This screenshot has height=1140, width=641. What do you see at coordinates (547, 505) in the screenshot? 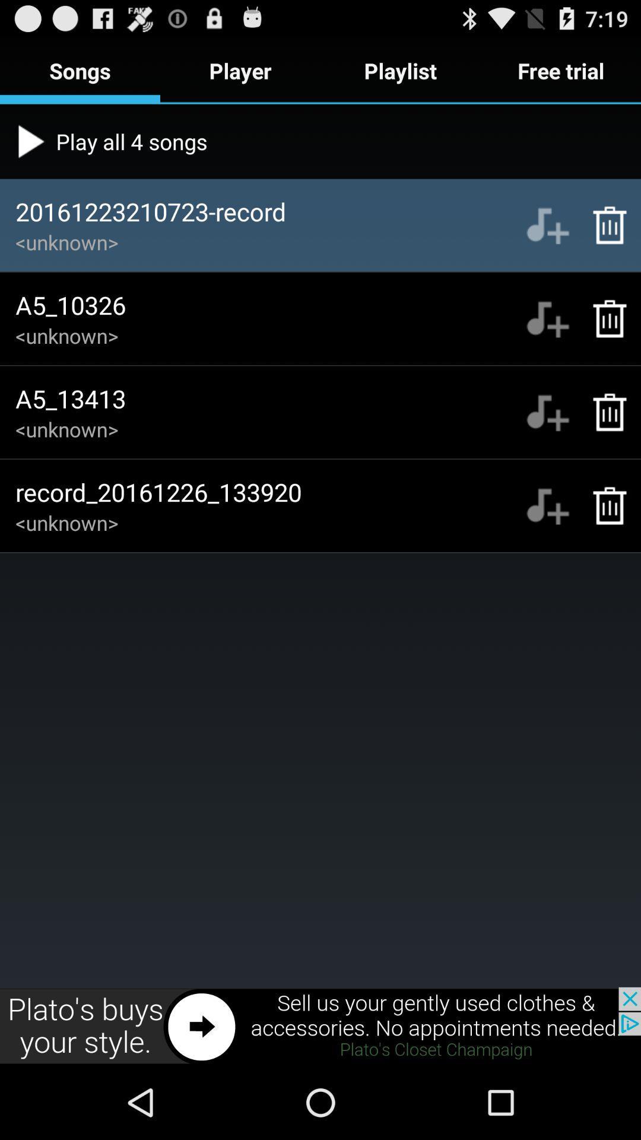
I see `to favorites` at bounding box center [547, 505].